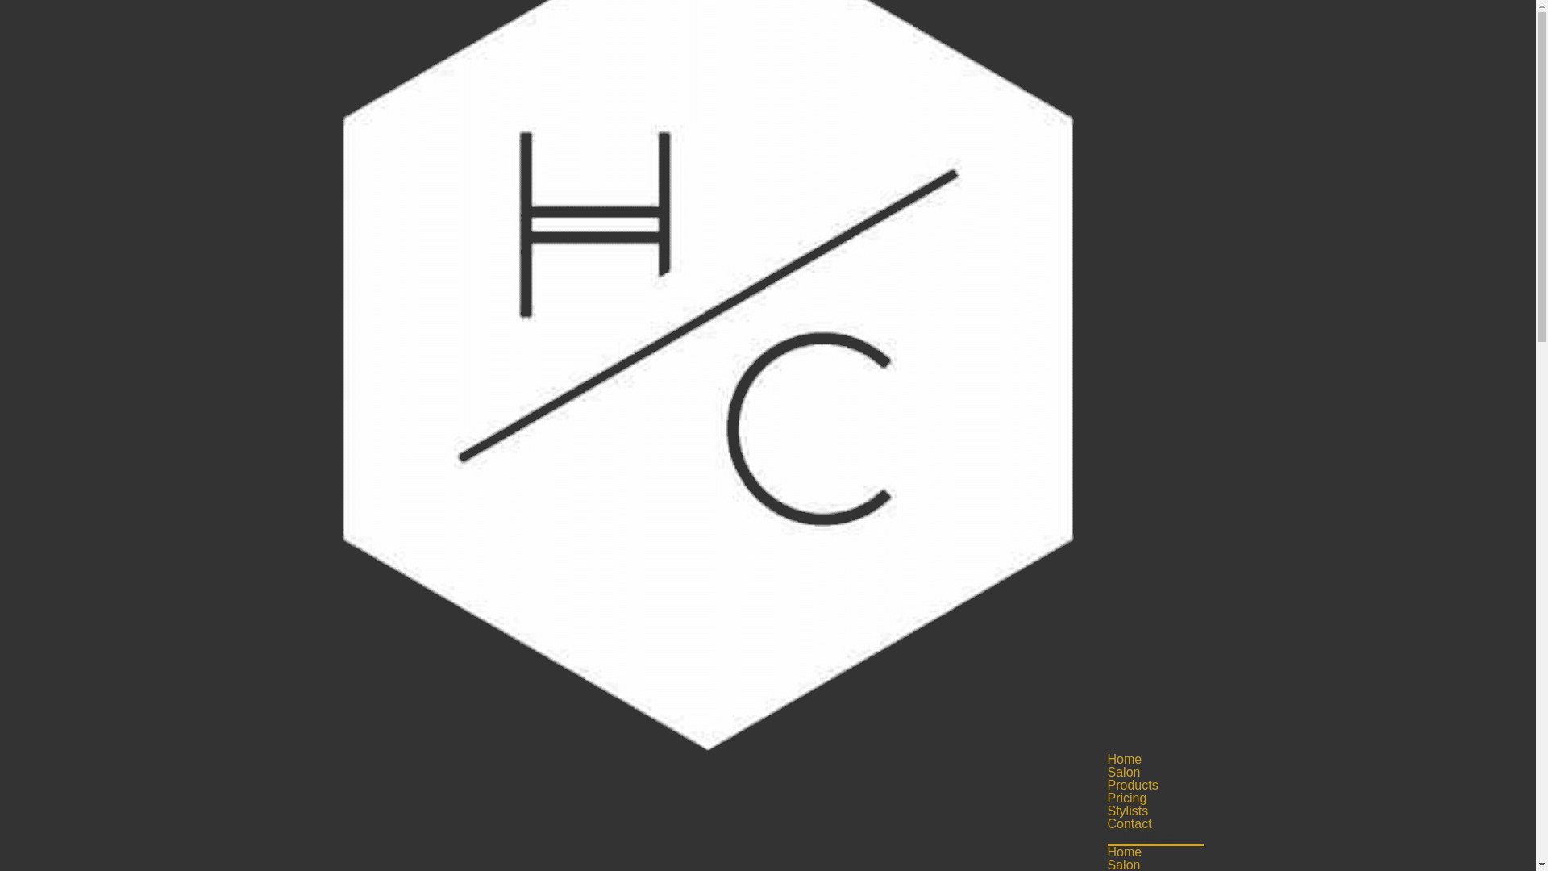 The width and height of the screenshot is (1548, 871). I want to click on 'Home', so click(1124, 759).